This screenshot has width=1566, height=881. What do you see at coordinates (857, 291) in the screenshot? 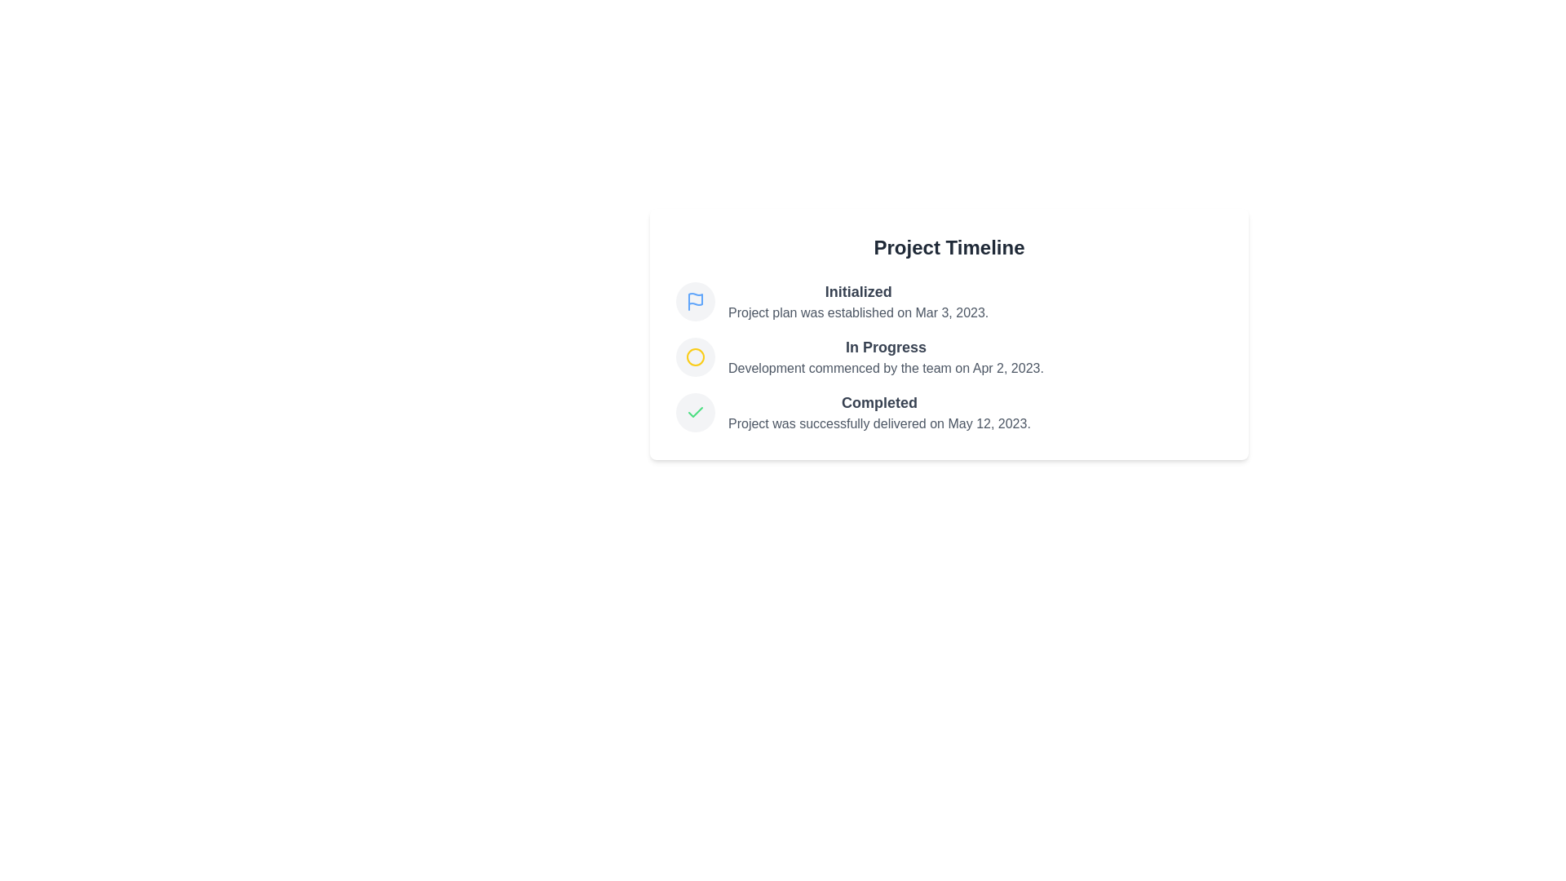
I see `the heading text label marking the 'Initialized' stage in the project timeline, which is located above the text 'Project plan was established on Mar 3, 2023.' and aligned horizontally with a flag icon to its left` at bounding box center [857, 291].